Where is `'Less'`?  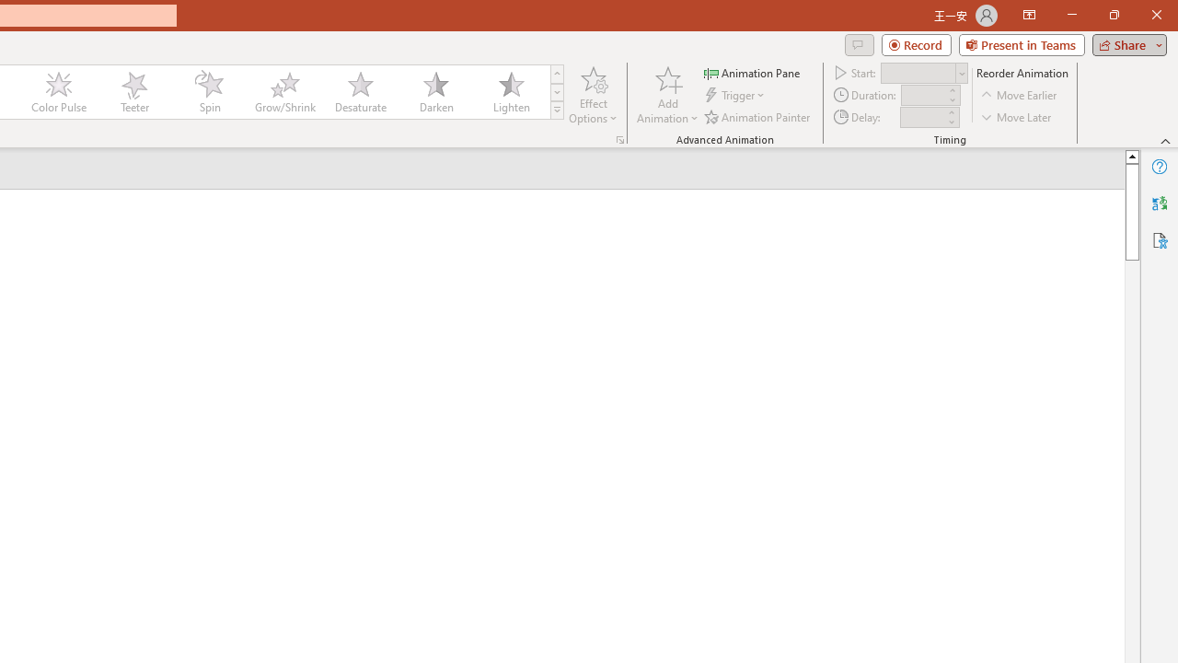
'Less' is located at coordinates (951, 122).